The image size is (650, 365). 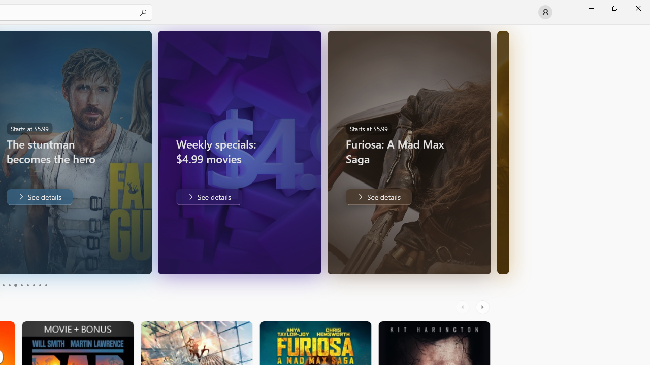 I want to click on 'Page 5', so click(x=15, y=285).